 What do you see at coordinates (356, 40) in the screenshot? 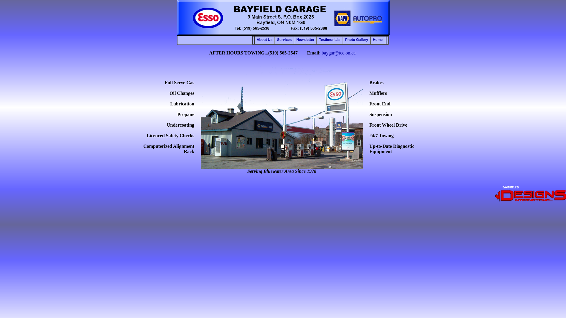
I see `'Photo Gallery'` at bounding box center [356, 40].